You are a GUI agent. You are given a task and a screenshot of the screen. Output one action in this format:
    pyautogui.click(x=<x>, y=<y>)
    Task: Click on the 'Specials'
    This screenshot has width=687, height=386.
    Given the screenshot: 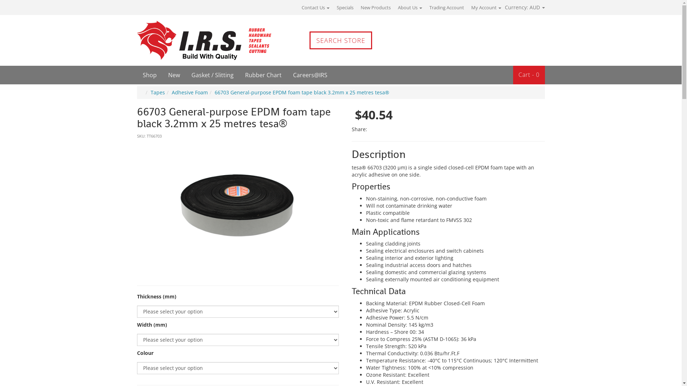 What is the action you would take?
    pyautogui.click(x=345, y=7)
    